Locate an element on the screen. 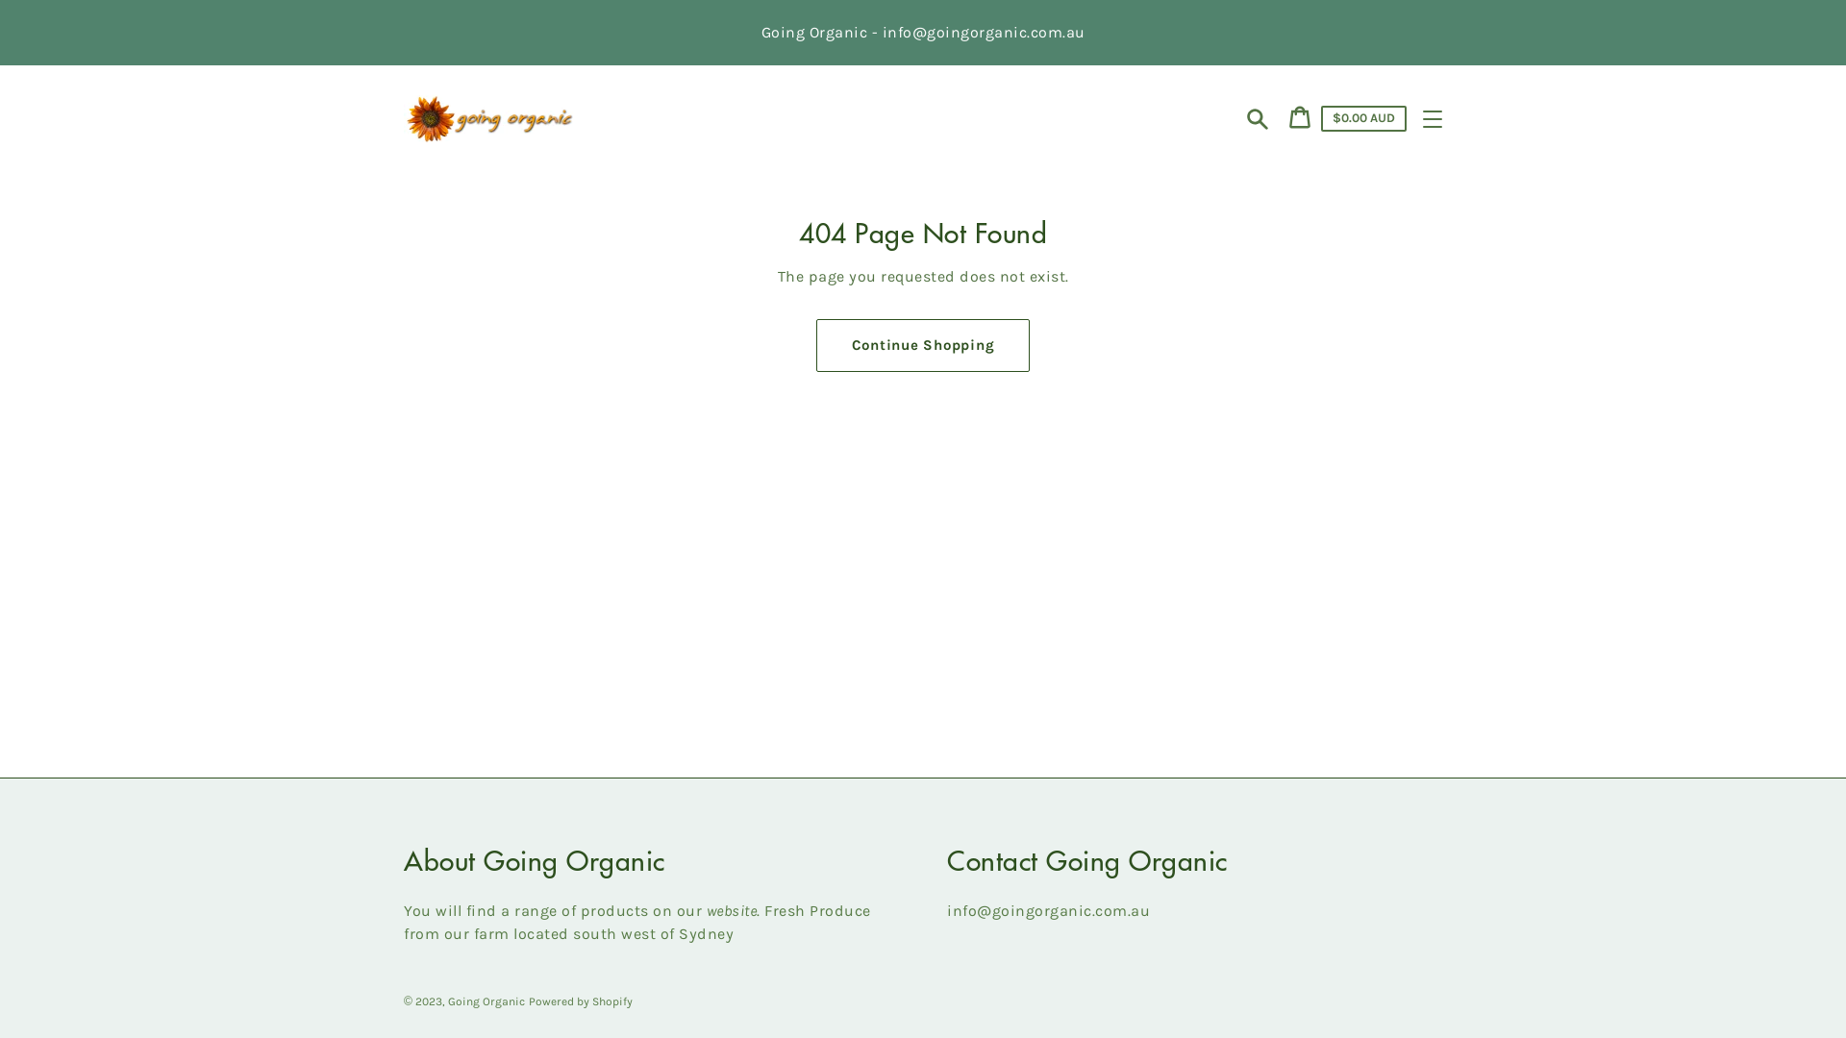 The height and width of the screenshot is (1038, 1846). 'Powered by Shopify' is located at coordinates (580, 1000).